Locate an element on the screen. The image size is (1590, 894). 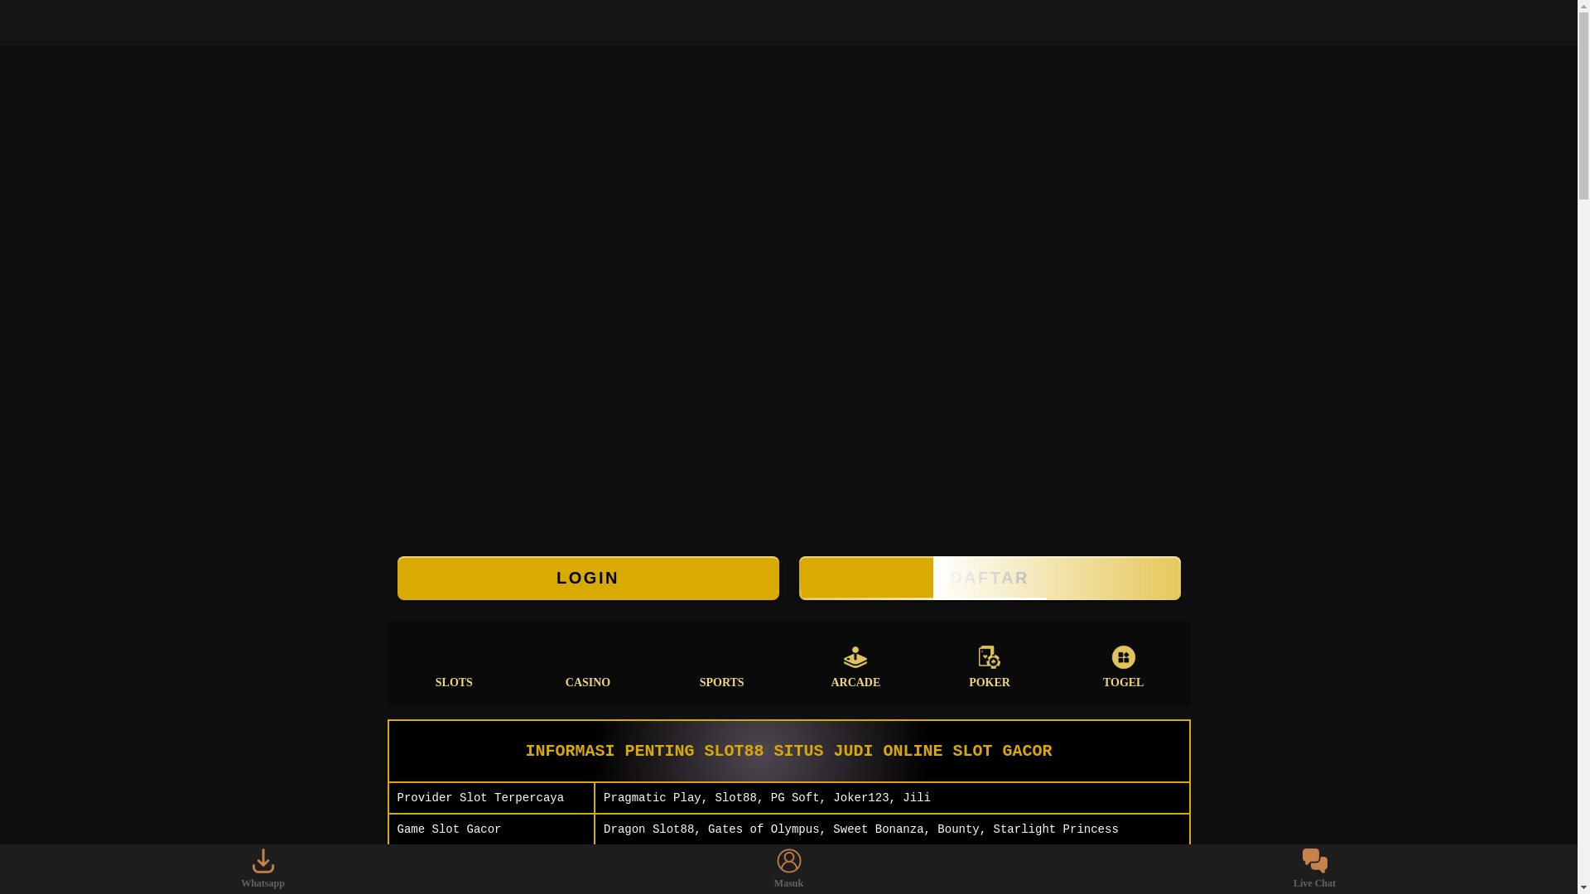
'TOGEL' is located at coordinates (1124, 663).